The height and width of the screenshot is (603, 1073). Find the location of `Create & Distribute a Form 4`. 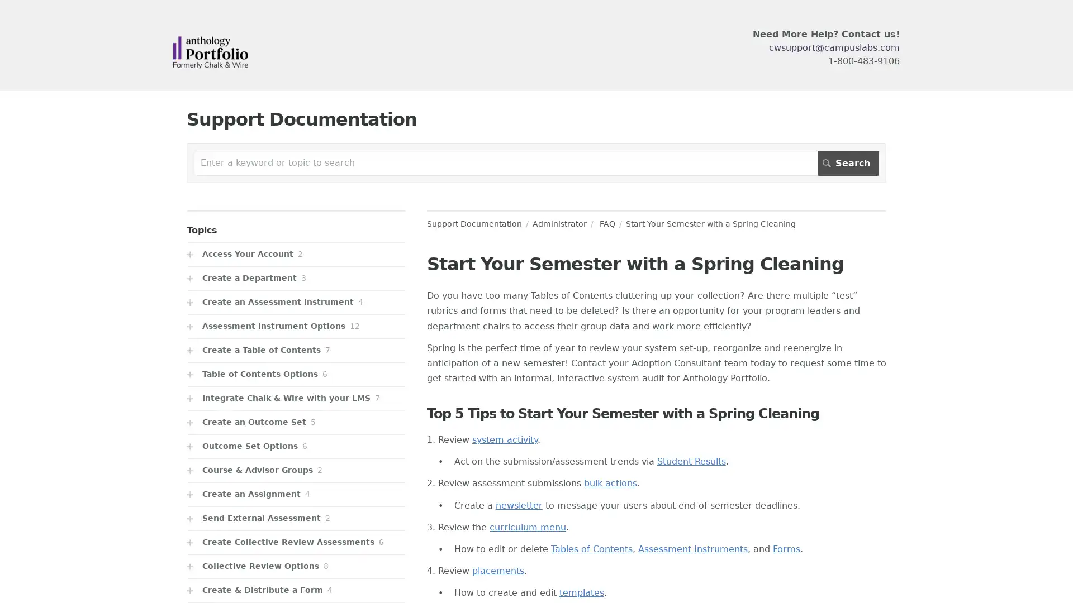

Create & Distribute a Form 4 is located at coordinates (296, 590).